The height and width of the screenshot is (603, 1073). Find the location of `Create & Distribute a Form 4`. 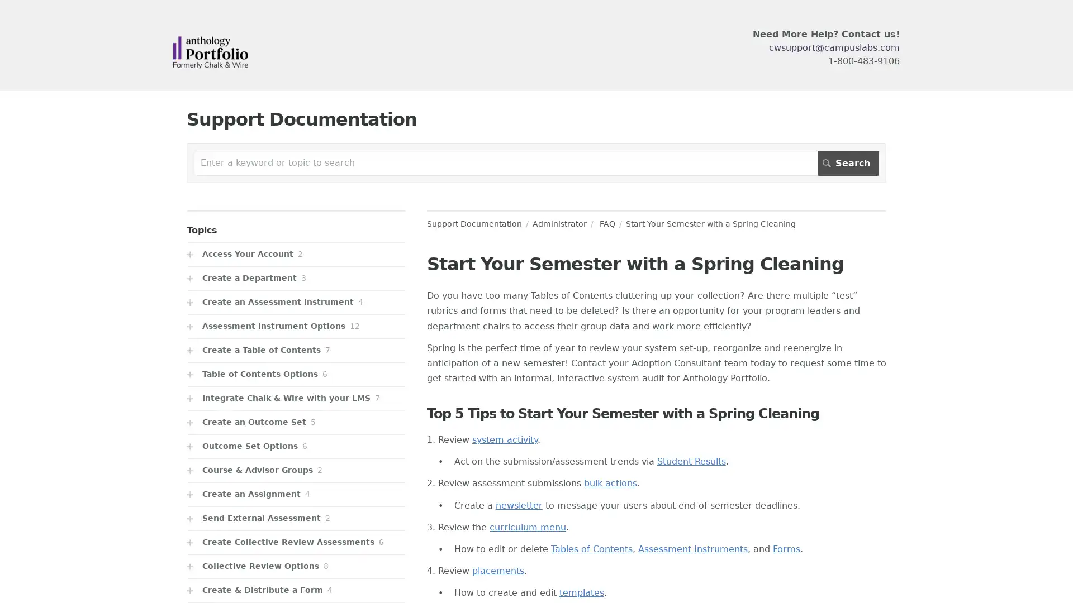

Create & Distribute a Form 4 is located at coordinates (296, 590).